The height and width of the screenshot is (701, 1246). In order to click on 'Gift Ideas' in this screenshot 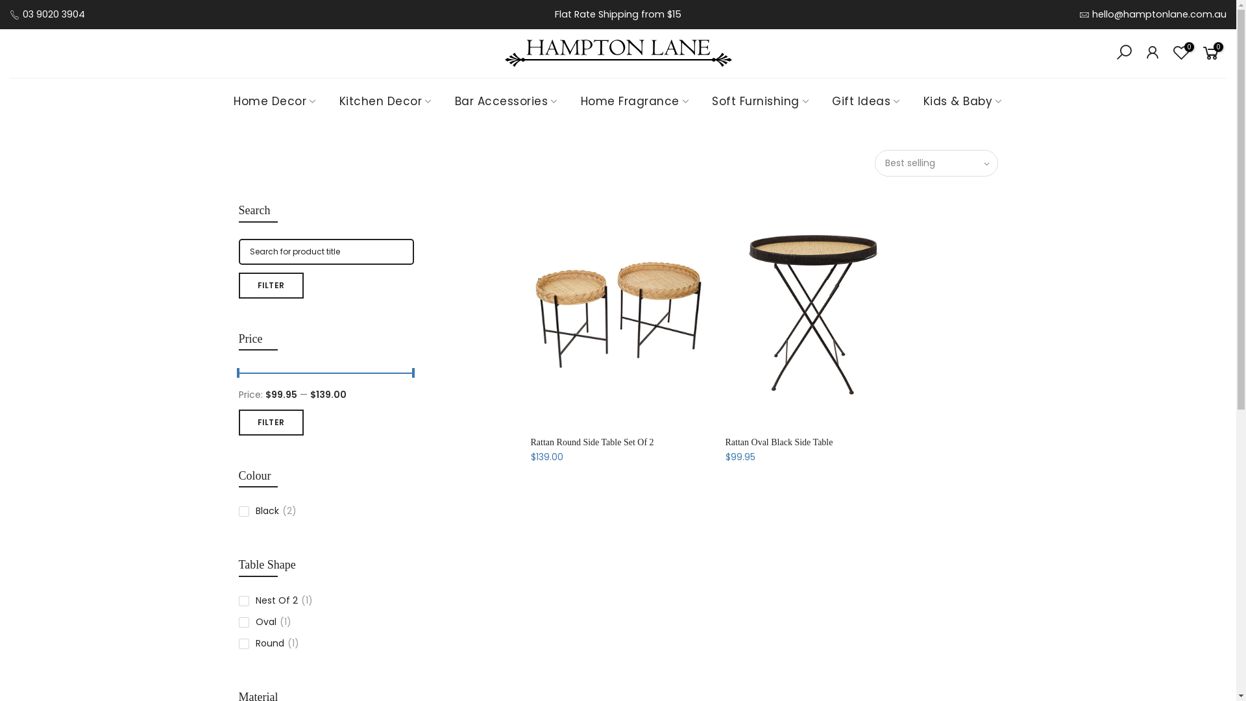, I will do `click(866, 100)`.